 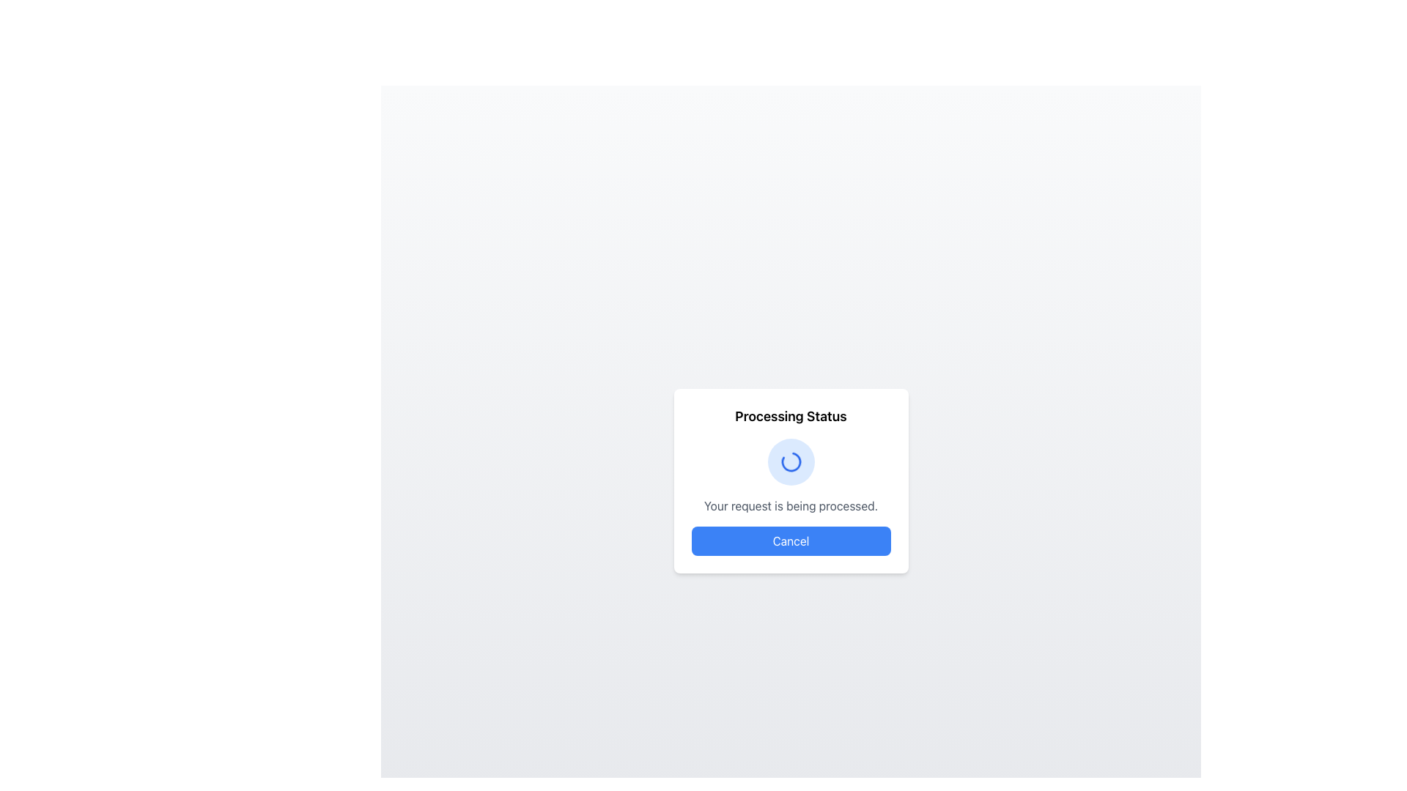 What do you see at coordinates (790, 505) in the screenshot?
I see `the text label that reads 'Your request is being processed.' which is located below a spinning loader icon in a pop-up card interface` at bounding box center [790, 505].